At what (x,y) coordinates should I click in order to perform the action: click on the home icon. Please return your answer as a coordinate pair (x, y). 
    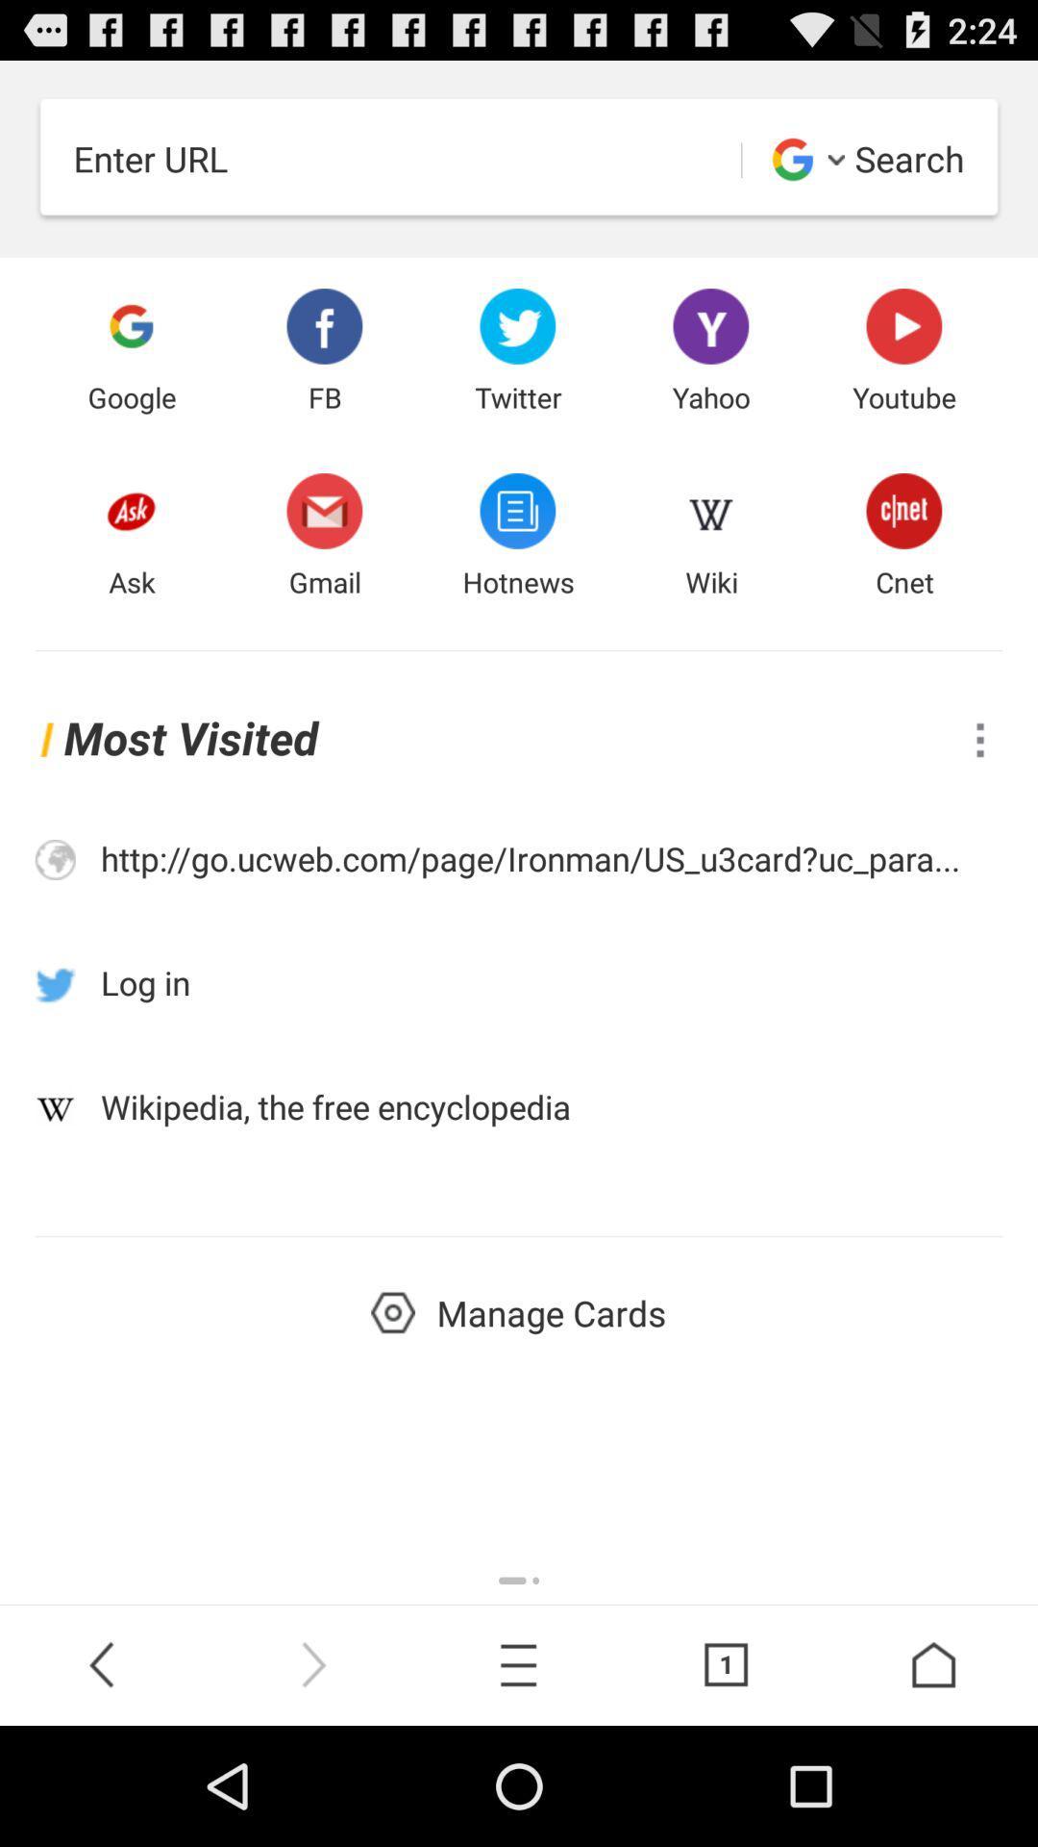
    Looking at the image, I should click on (933, 1781).